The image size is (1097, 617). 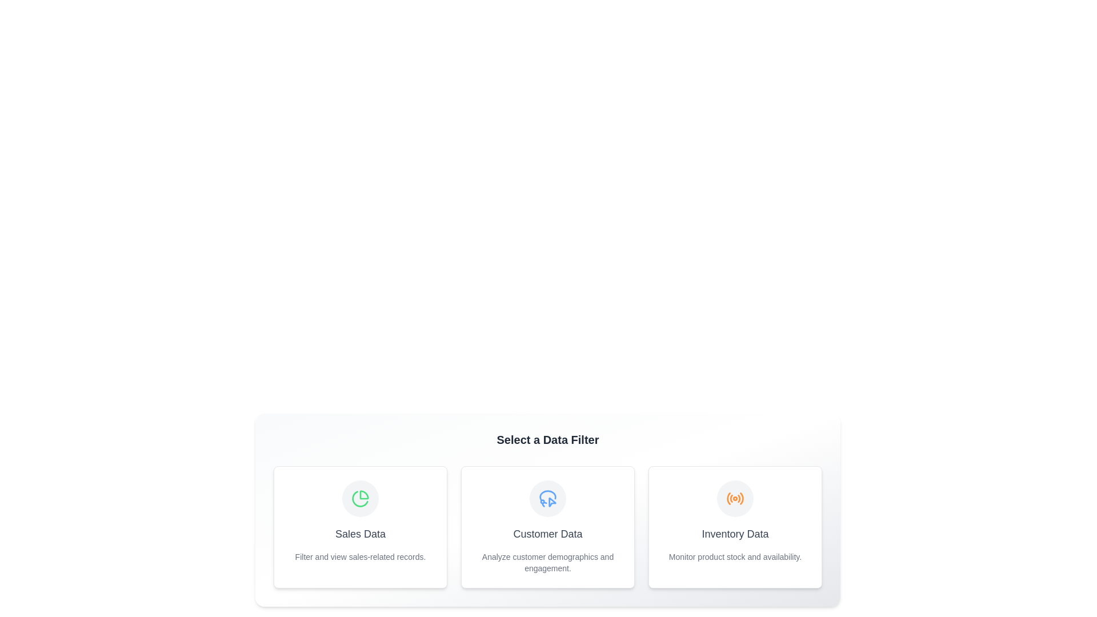 What do you see at coordinates (359, 556) in the screenshot?
I see `the text label stating 'Filter and view sales-related records.' located within the lower half of the rounded rectangular card component below the title 'Sales Data'` at bounding box center [359, 556].